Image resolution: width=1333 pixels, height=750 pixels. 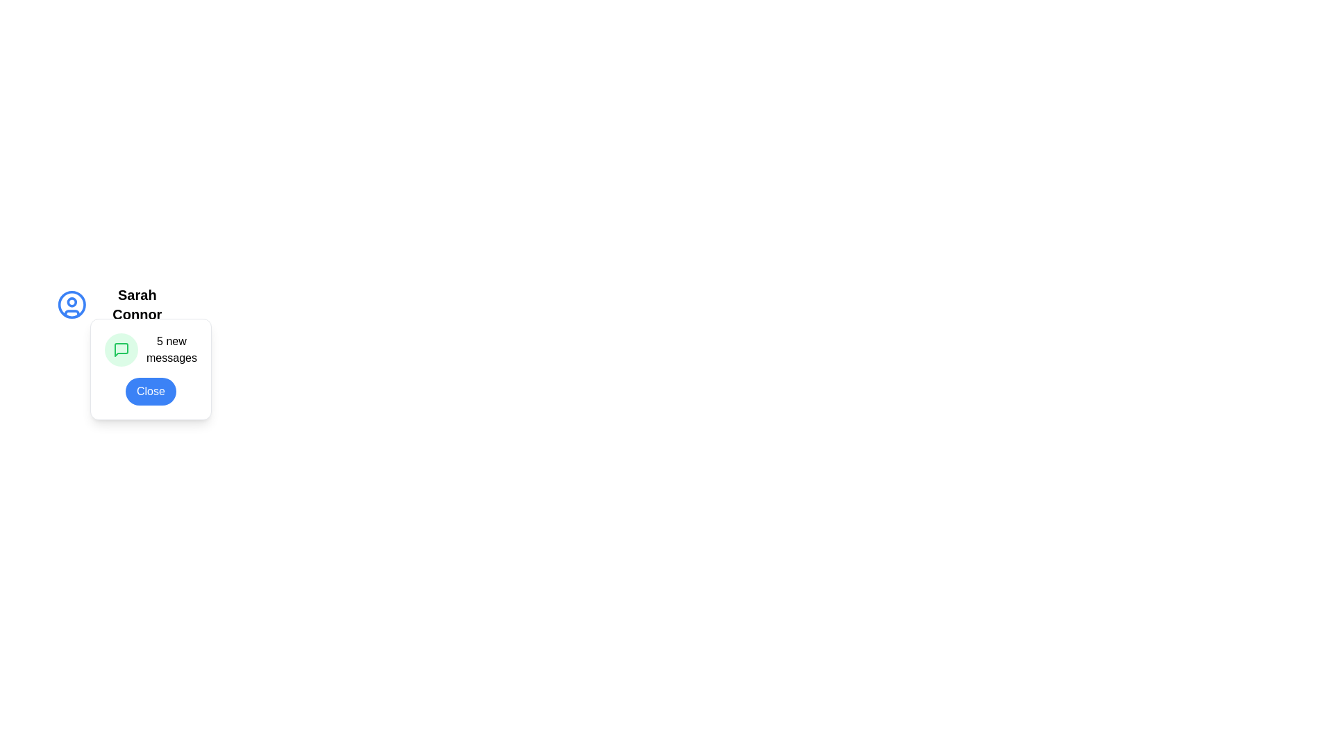 I want to click on the rounded green square icon with a speech bubble inside it, located in the top left area of a white notification card, adjacent to the text '5 new messages', so click(x=121, y=349).